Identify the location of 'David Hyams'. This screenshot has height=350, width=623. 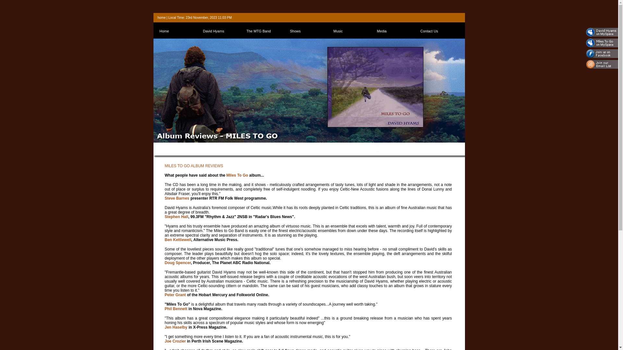
(202, 31).